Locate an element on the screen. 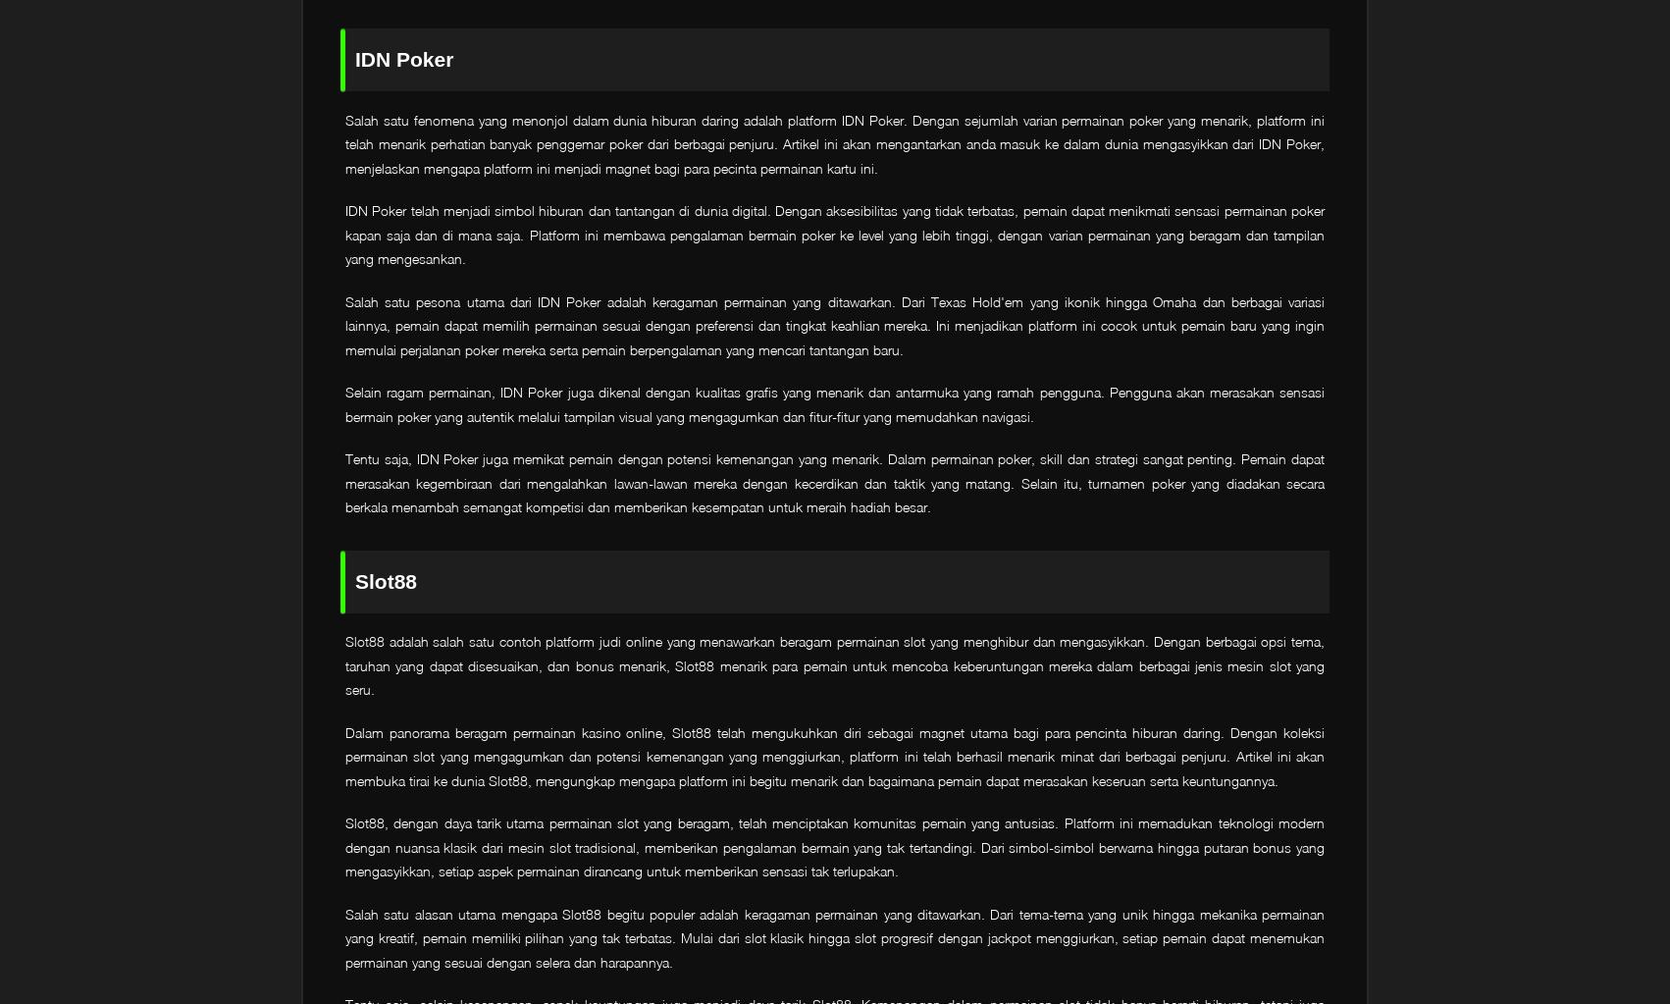 Image resolution: width=1670 pixels, height=1004 pixels. 'Salah satu alasan utama mengapa Slot88 begitu populer adalah keragaman permainan yang ditawarkan. Dari tema-tema yang unik hingga mekanika permainan yang kreatif, pemain memiliki pilihan yang tak terbatas. Mulai dari slot klasik hingga slot progresif dengan jackpot menggiurkan, setiap pemain dapat menemukan permainan yang sesuai dengan selera dan harapannya.' is located at coordinates (344, 936).